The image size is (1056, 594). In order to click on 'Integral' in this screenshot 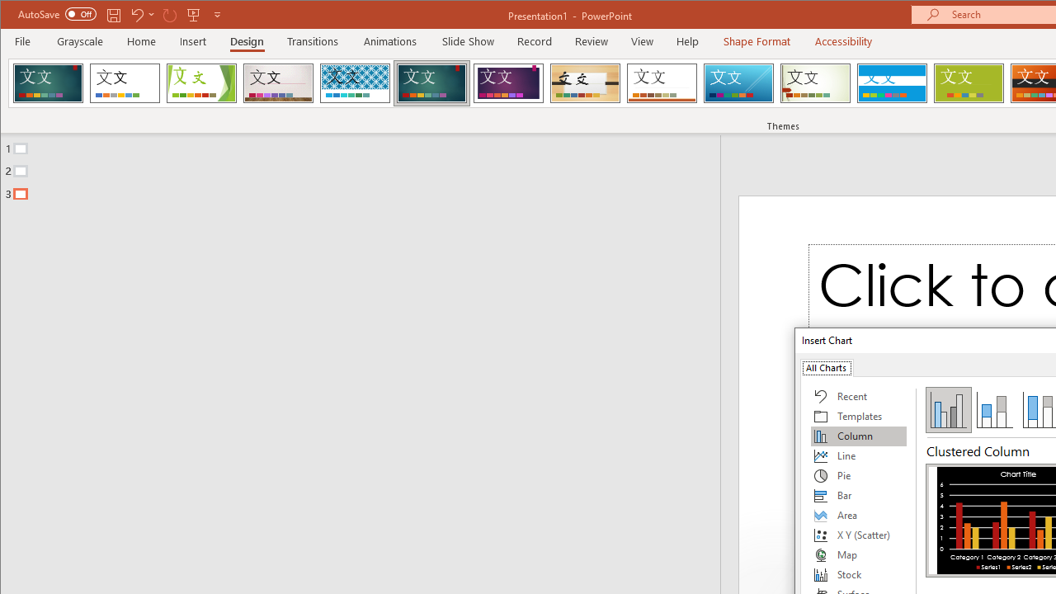, I will do `click(354, 82)`.